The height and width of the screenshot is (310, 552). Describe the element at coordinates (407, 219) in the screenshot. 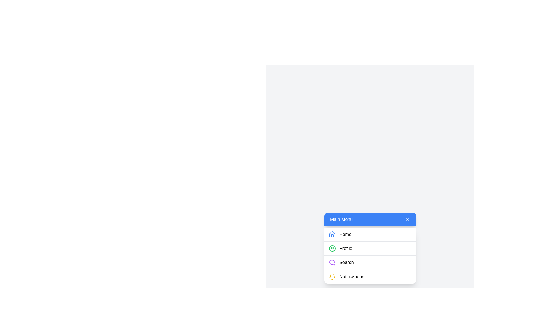

I see `the Close button icon (SVG) located at the top-right corner of the 'Main Menu' header` at that location.